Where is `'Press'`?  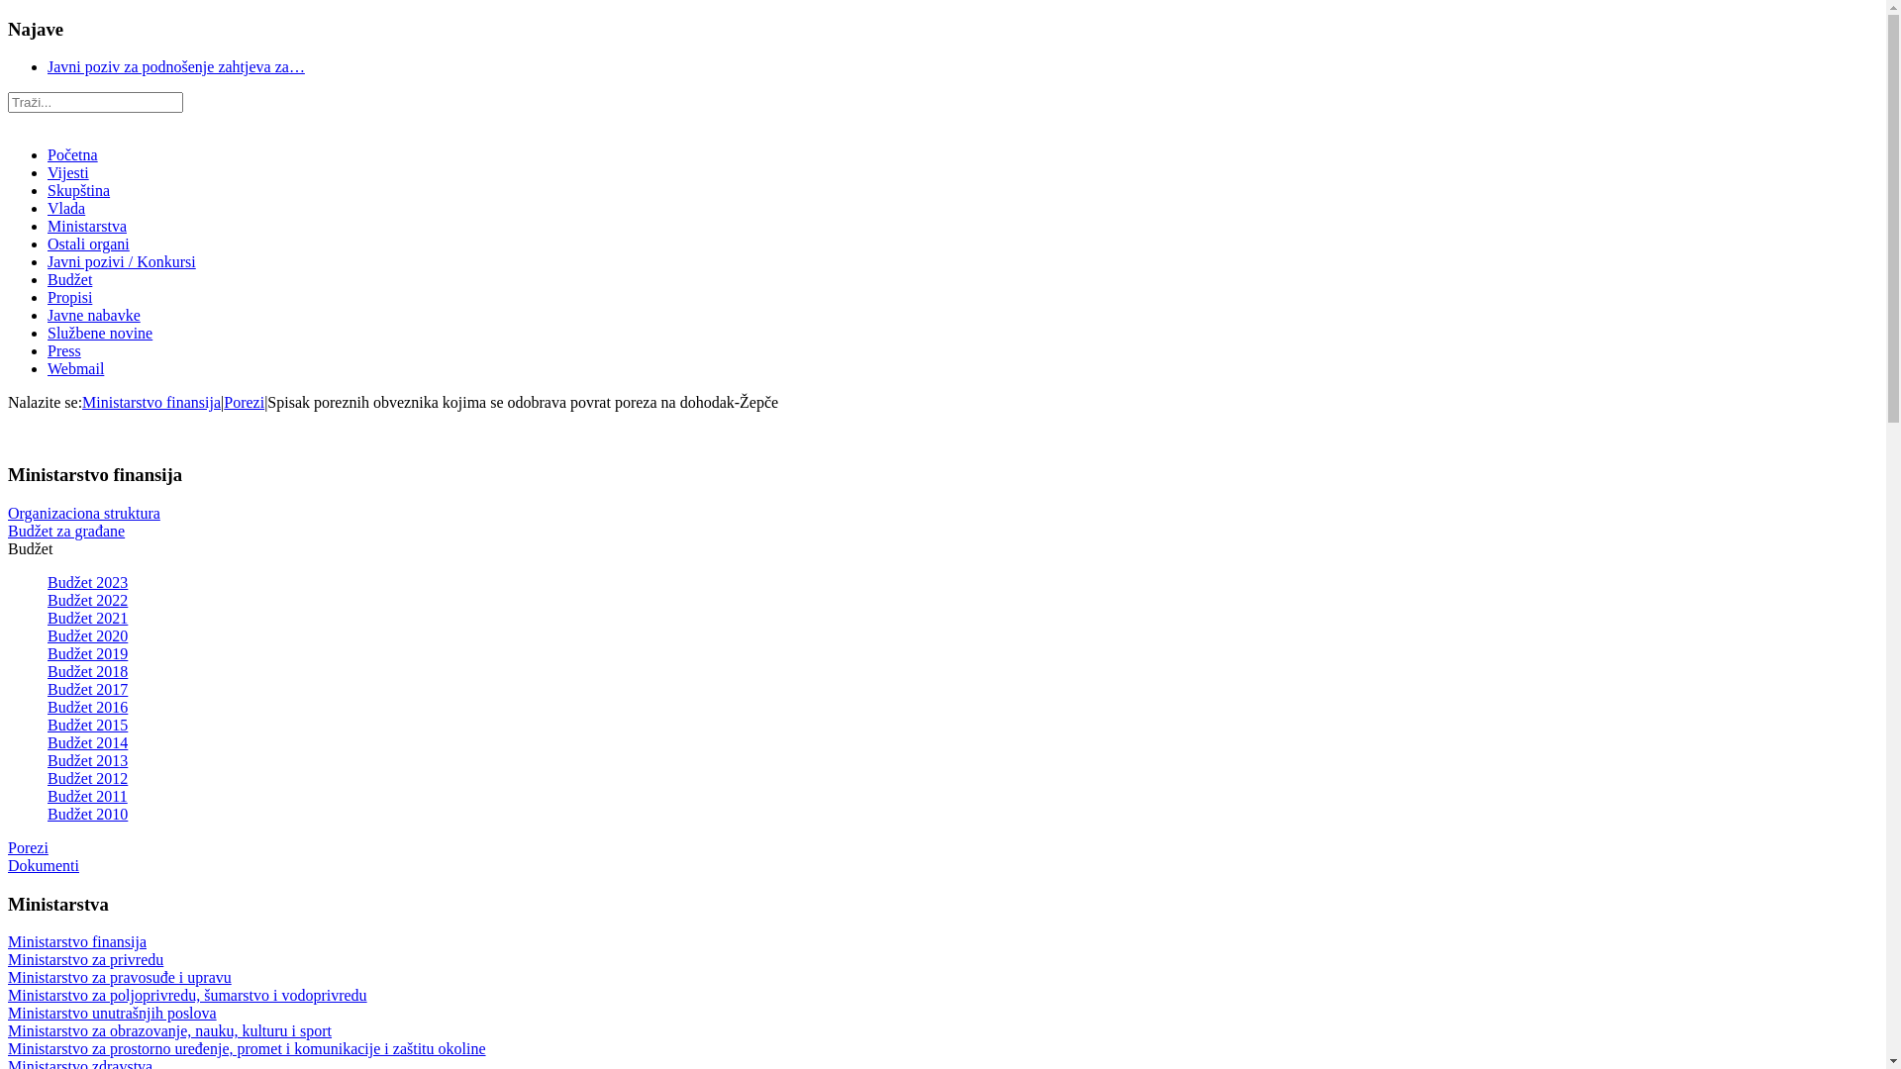
'Press' is located at coordinates (64, 349).